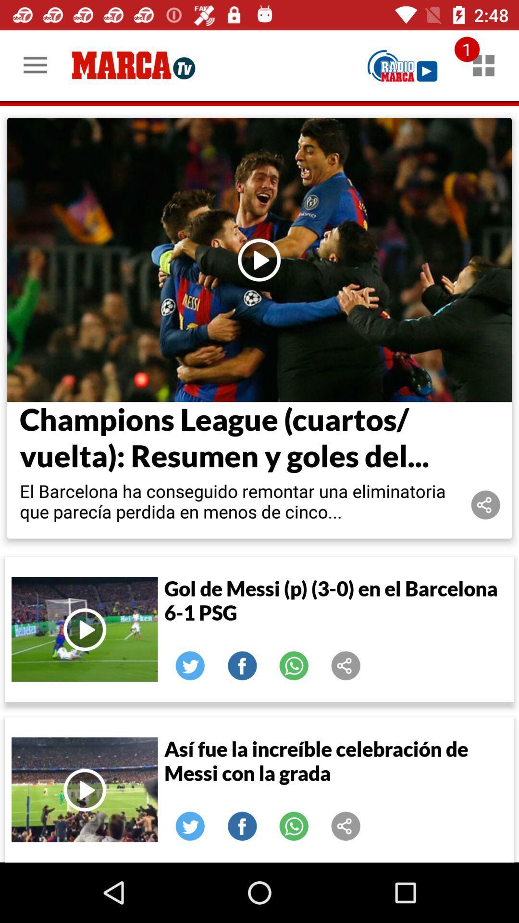 The image size is (519, 923). What do you see at coordinates (346, 665) in the screenshot?
I see `share article` at bounding box center [346, 665].